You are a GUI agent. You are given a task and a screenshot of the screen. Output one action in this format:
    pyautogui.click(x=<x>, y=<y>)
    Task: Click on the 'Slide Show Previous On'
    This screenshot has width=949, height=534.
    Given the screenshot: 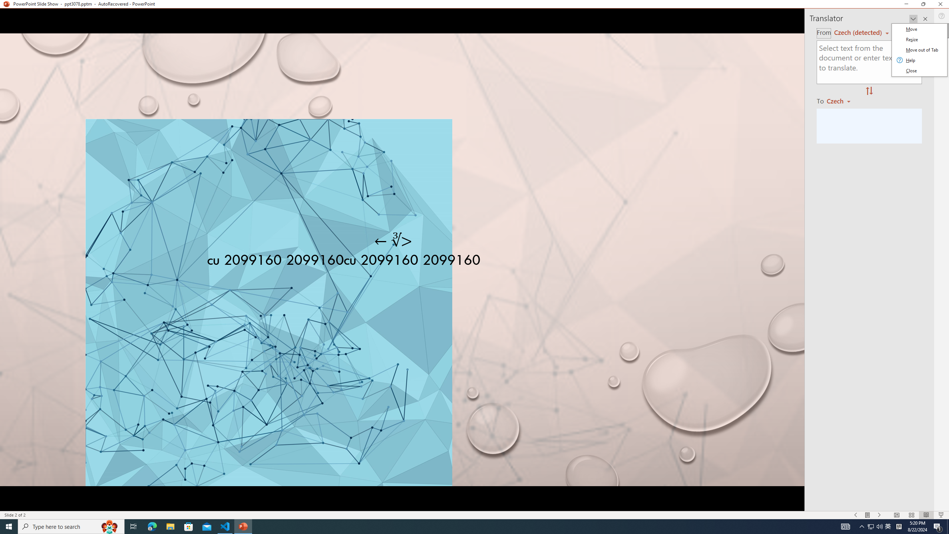 What is the action you would take?
    pyautogui.click(x=856, y=515)
    